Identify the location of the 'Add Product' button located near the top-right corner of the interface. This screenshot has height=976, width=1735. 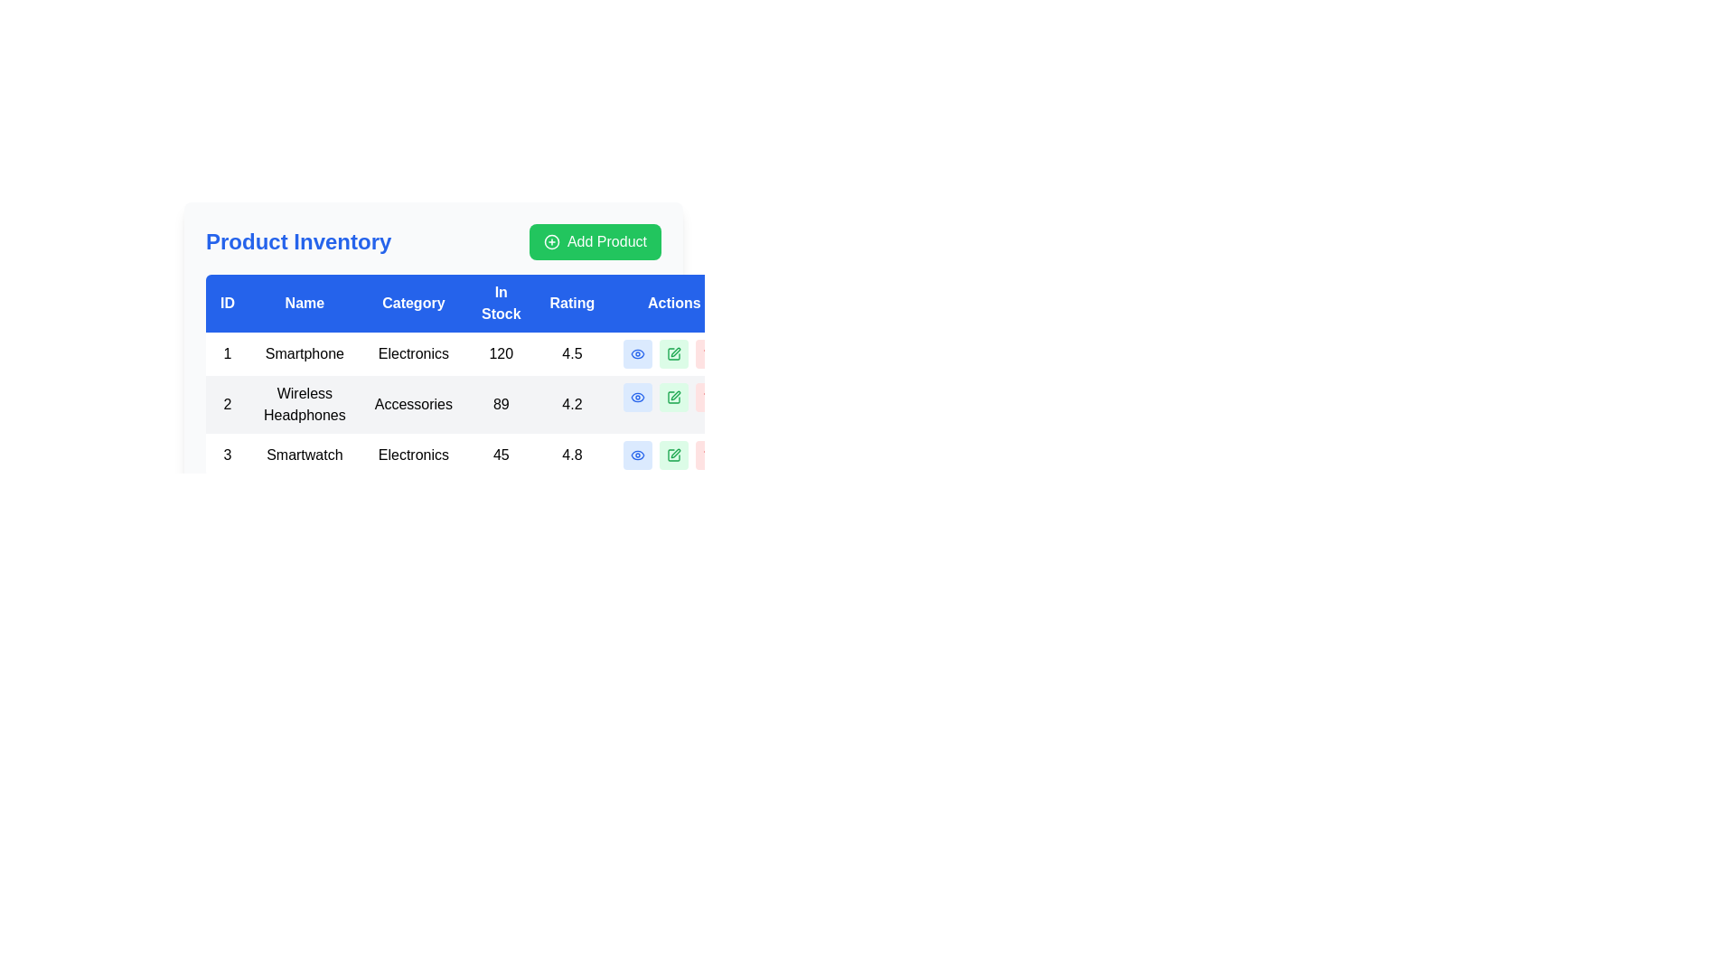
(595, 240).